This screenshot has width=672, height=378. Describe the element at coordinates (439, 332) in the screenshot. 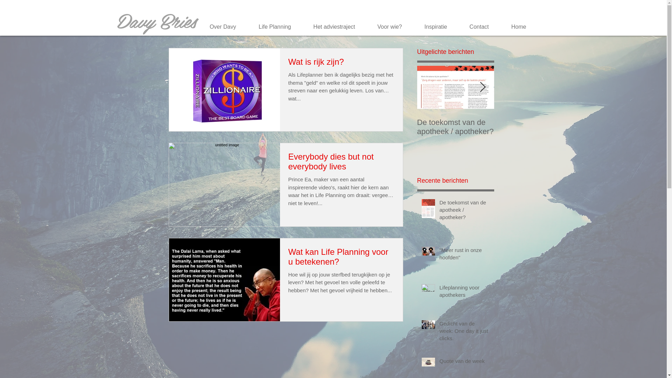

I see `'Gedicht van de week: One day it just clicks.'` at that location.